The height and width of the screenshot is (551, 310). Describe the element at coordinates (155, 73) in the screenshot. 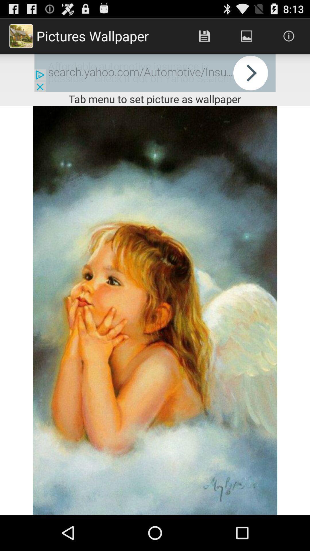

I see `advertisement website` at that location.